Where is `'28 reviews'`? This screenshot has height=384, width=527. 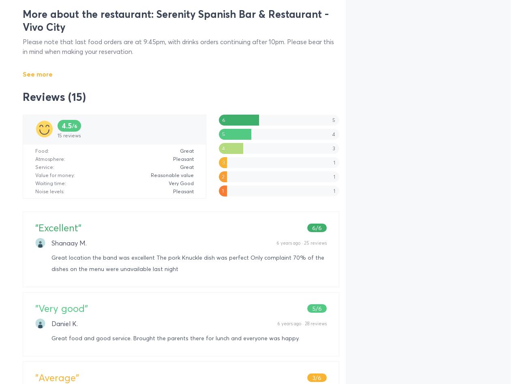
'28 reviews' is located at coordinates (315, 323).